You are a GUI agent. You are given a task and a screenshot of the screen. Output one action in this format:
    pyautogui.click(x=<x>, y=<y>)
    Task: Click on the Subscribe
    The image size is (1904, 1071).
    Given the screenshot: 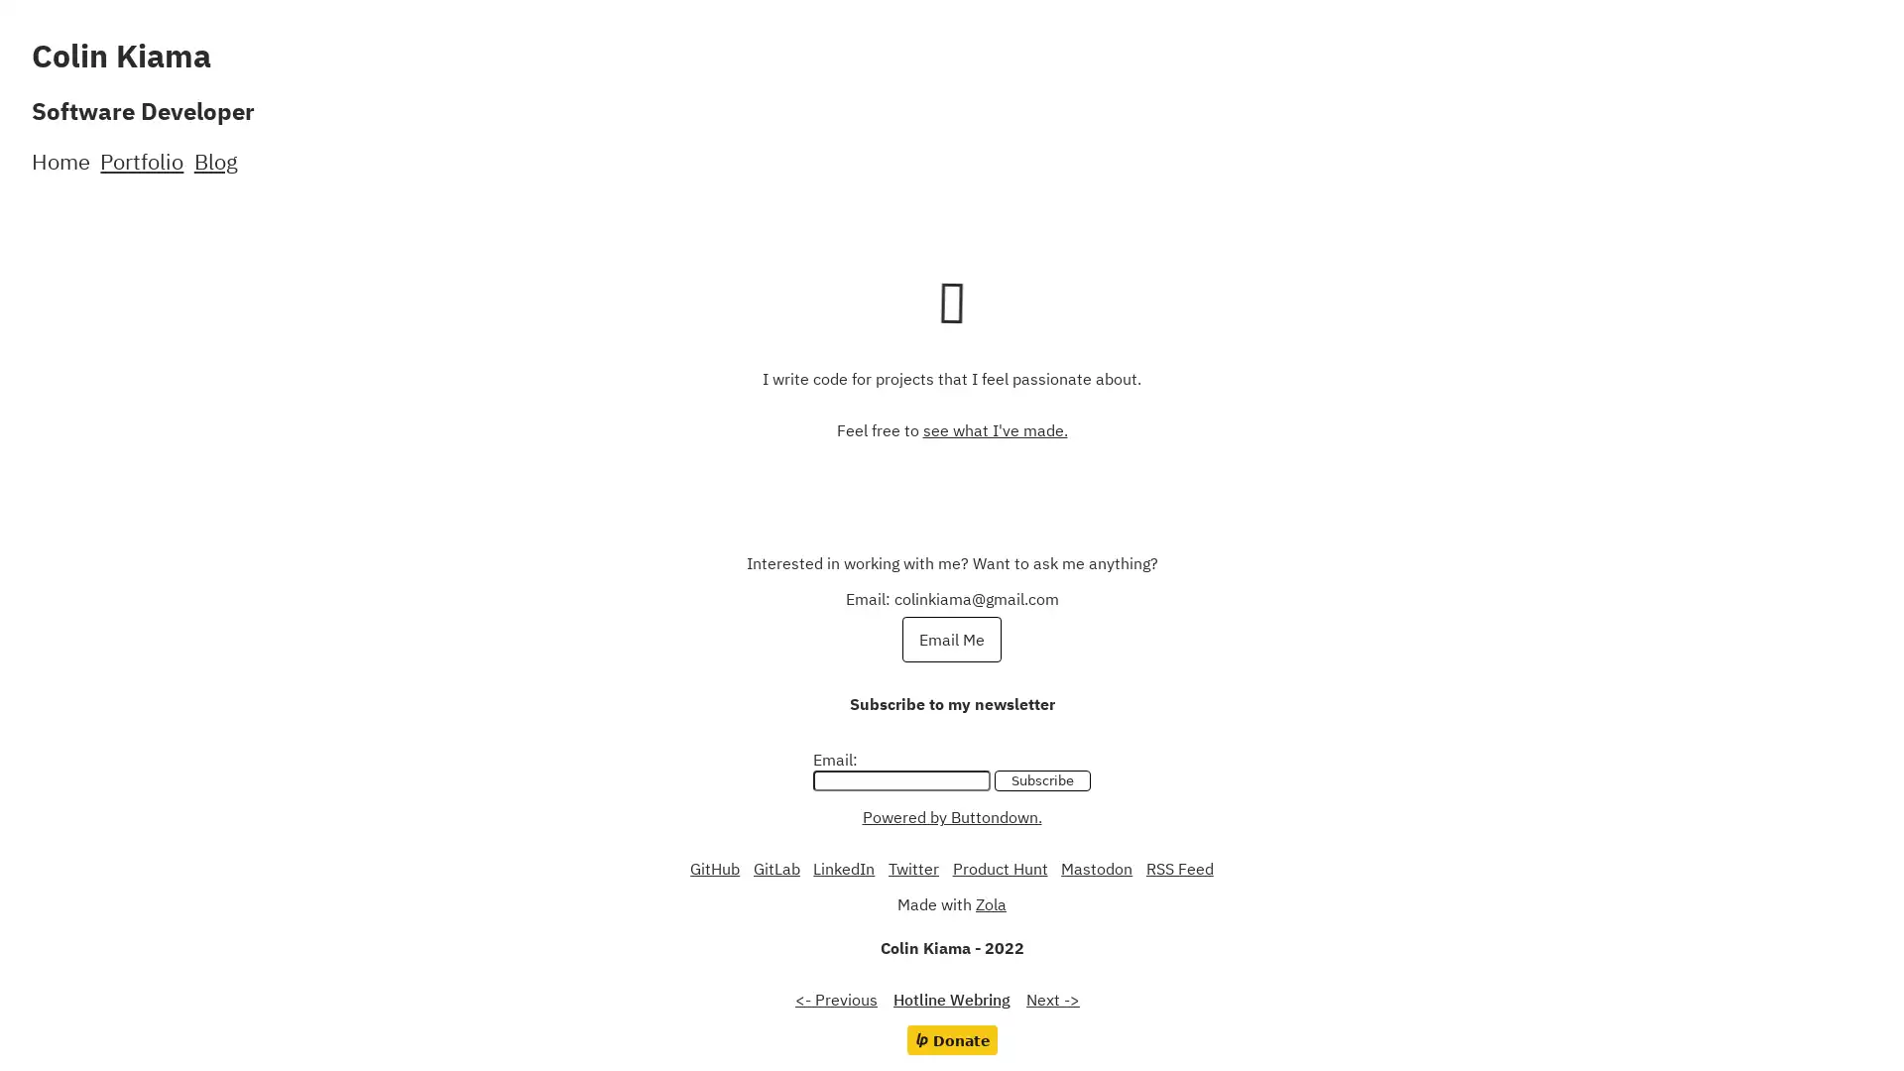 What is the action you would take?
    pyautogui.click(x=1041, y=779)
    